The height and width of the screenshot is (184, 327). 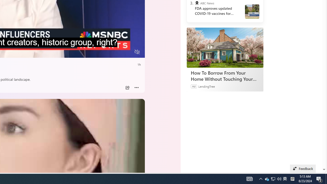 I want to click on 'ABC News', so click(x=196, y=3).